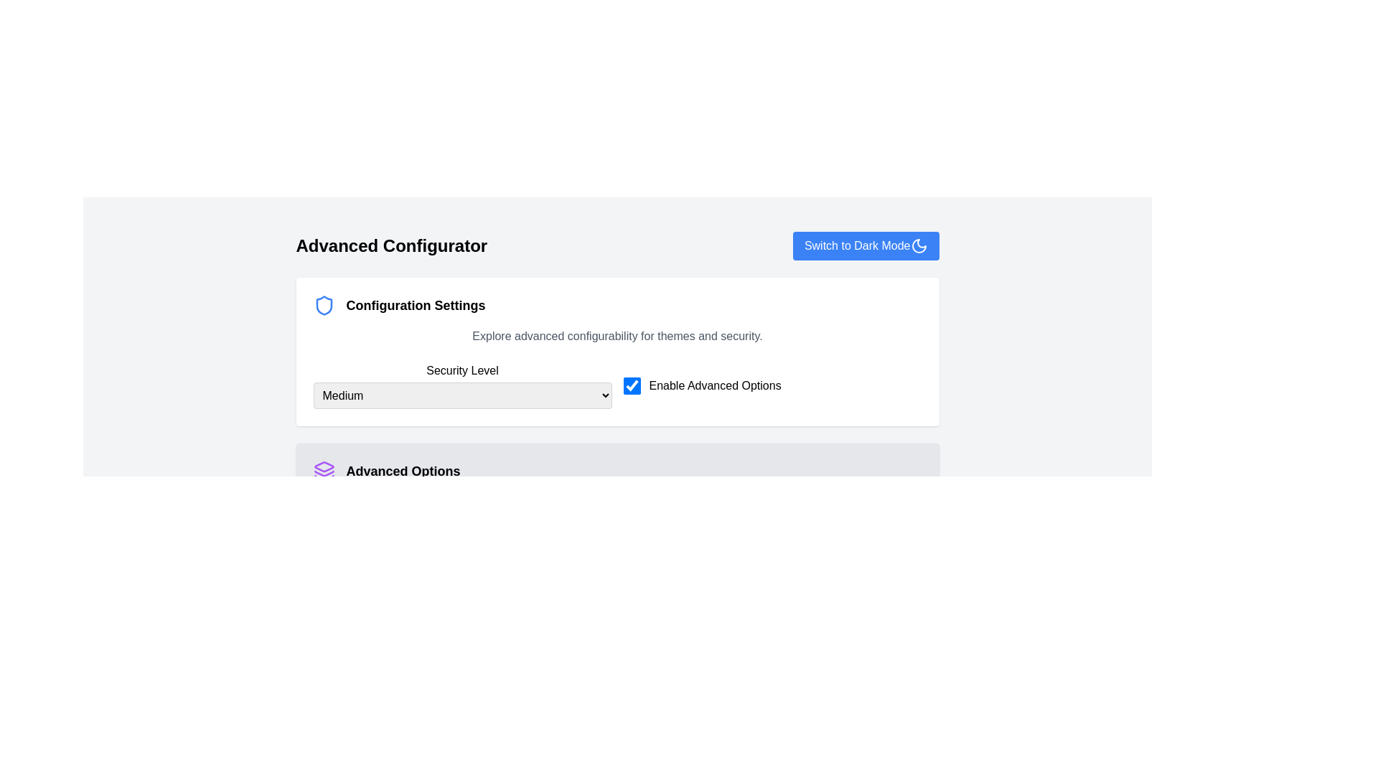  Describe the element at coordinates (772, 385) in the screenshot. I see `the checkbox labeled 'Enable Advanced Options'` at that location.